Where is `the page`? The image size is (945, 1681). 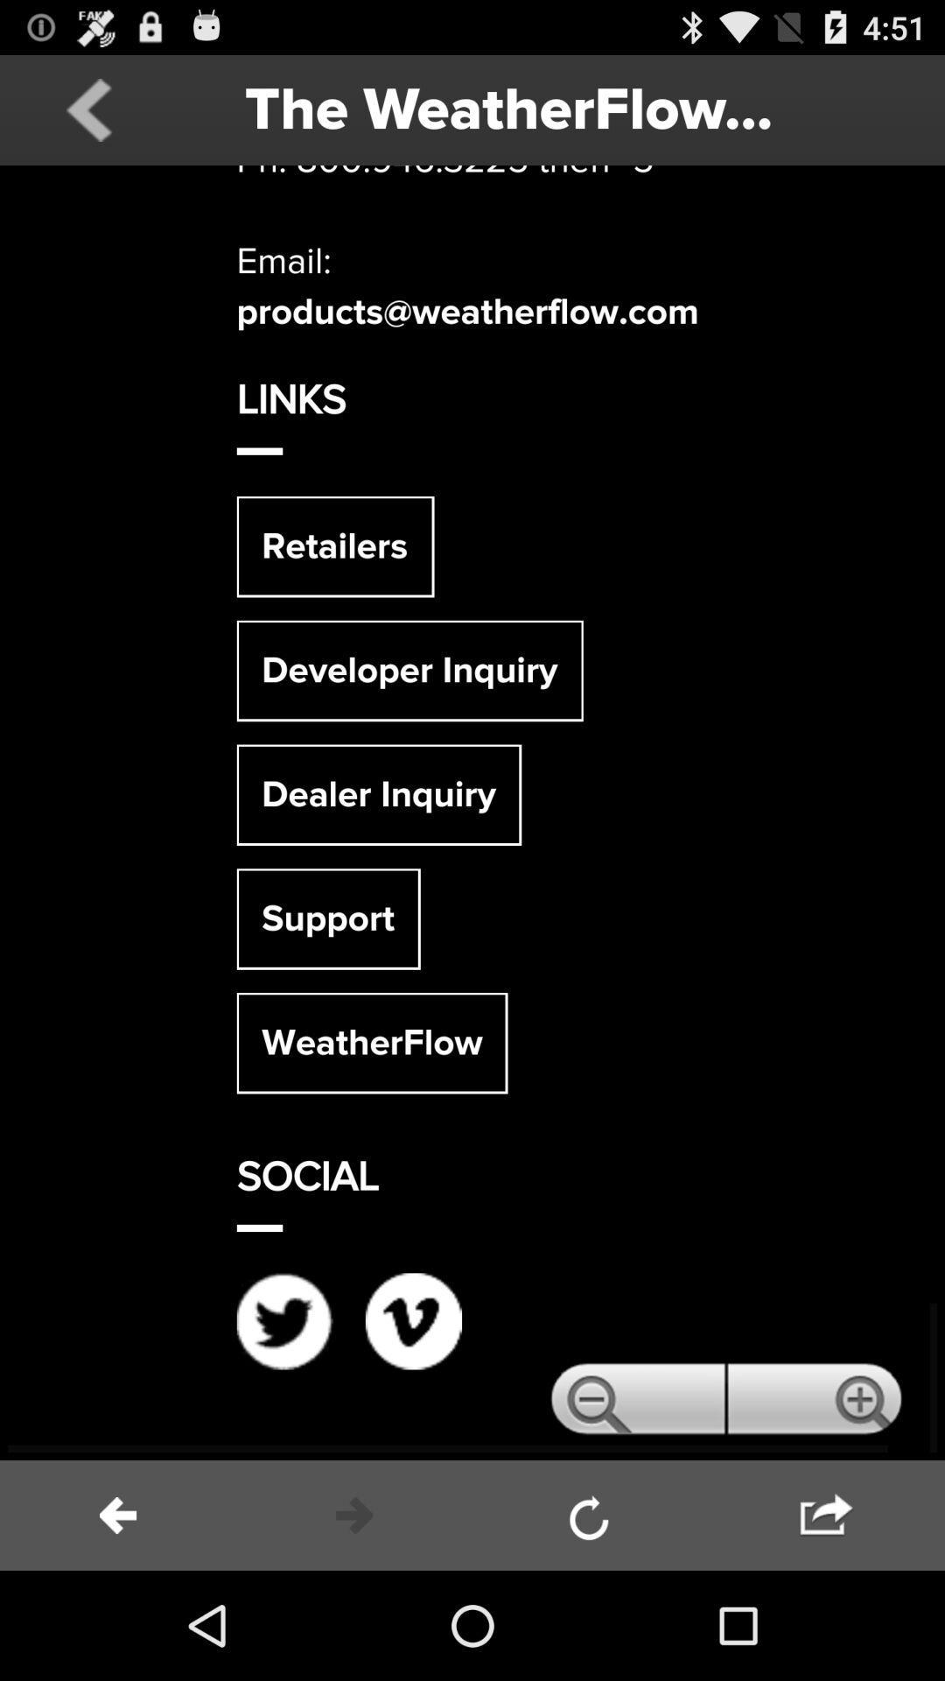
the page is located at coordinates (591, 1515).